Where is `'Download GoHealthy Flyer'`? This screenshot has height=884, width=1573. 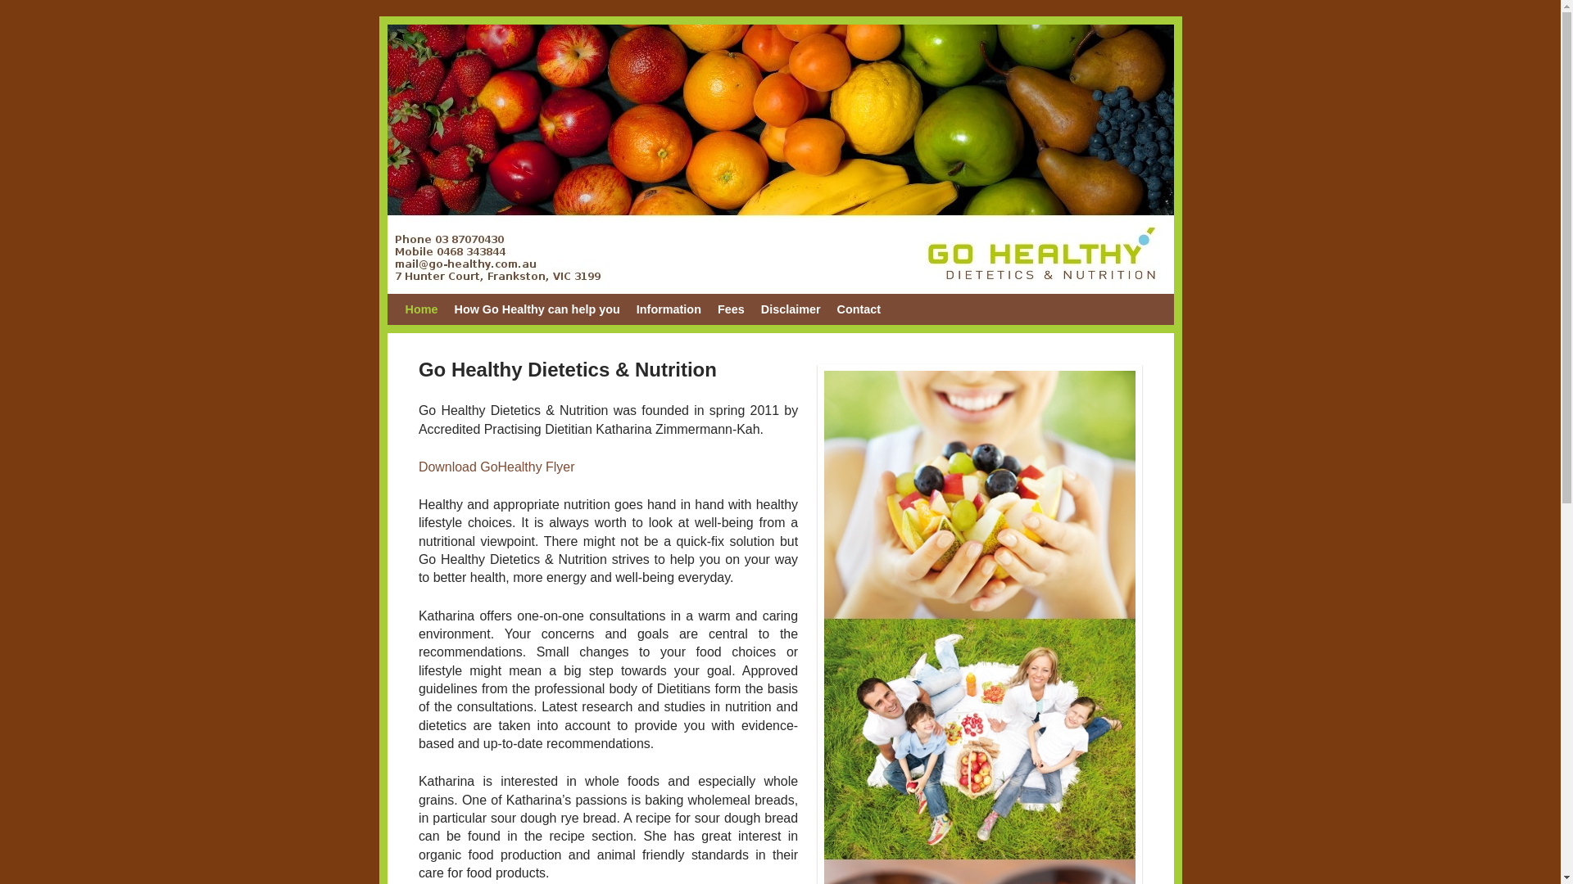 'Download GoHealthy Flyer' is located at coordinates (496, 467).